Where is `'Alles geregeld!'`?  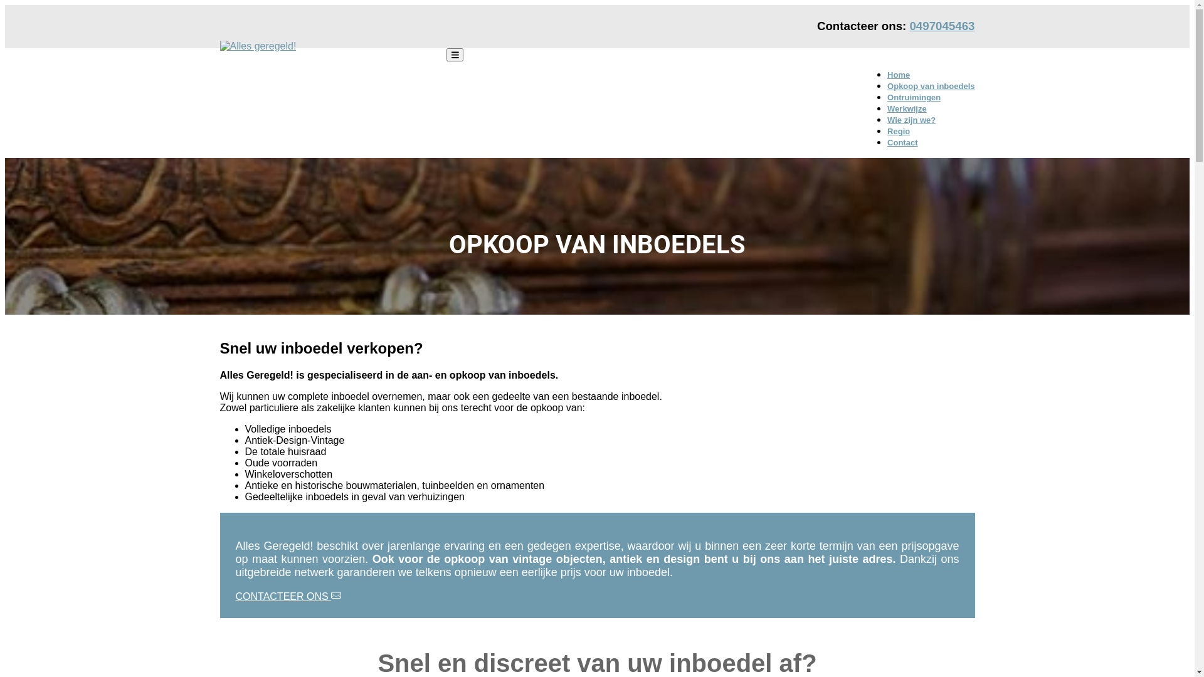
'Alles geregeld!' is located at coordinates (252, 67).